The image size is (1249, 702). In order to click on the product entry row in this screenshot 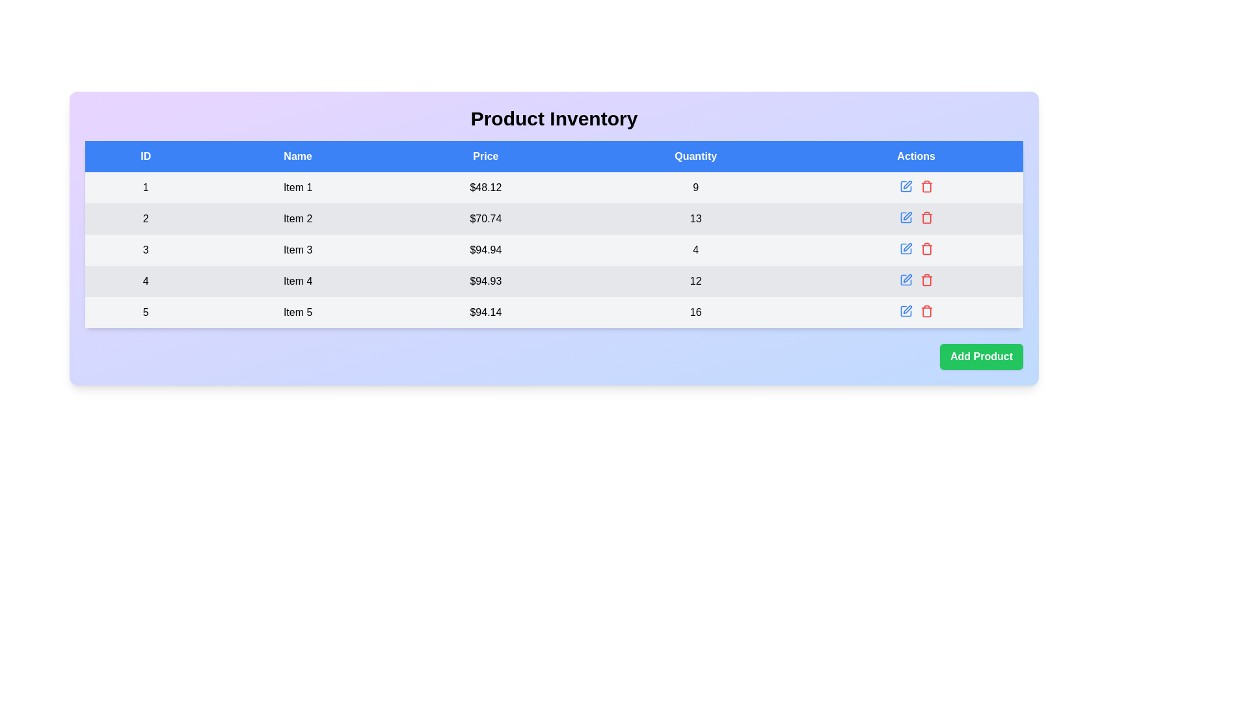, I will do `click(554, 250)`.